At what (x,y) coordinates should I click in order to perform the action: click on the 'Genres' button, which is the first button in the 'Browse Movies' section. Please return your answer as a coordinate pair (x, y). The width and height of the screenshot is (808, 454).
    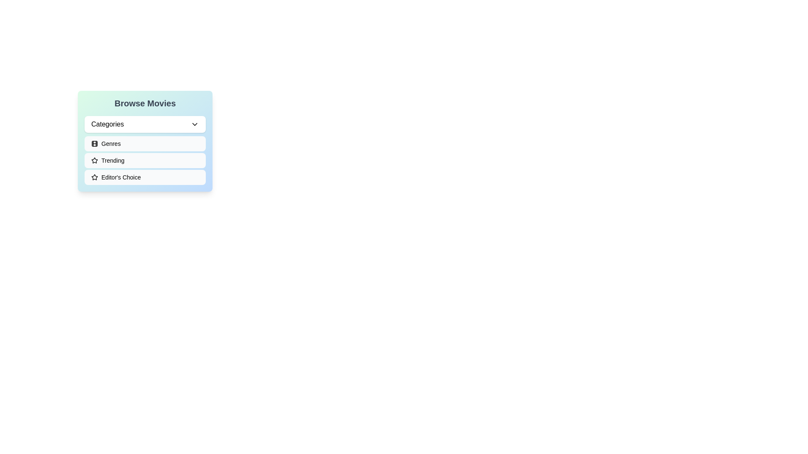
    Looking at the image, I should click on (145, 143).